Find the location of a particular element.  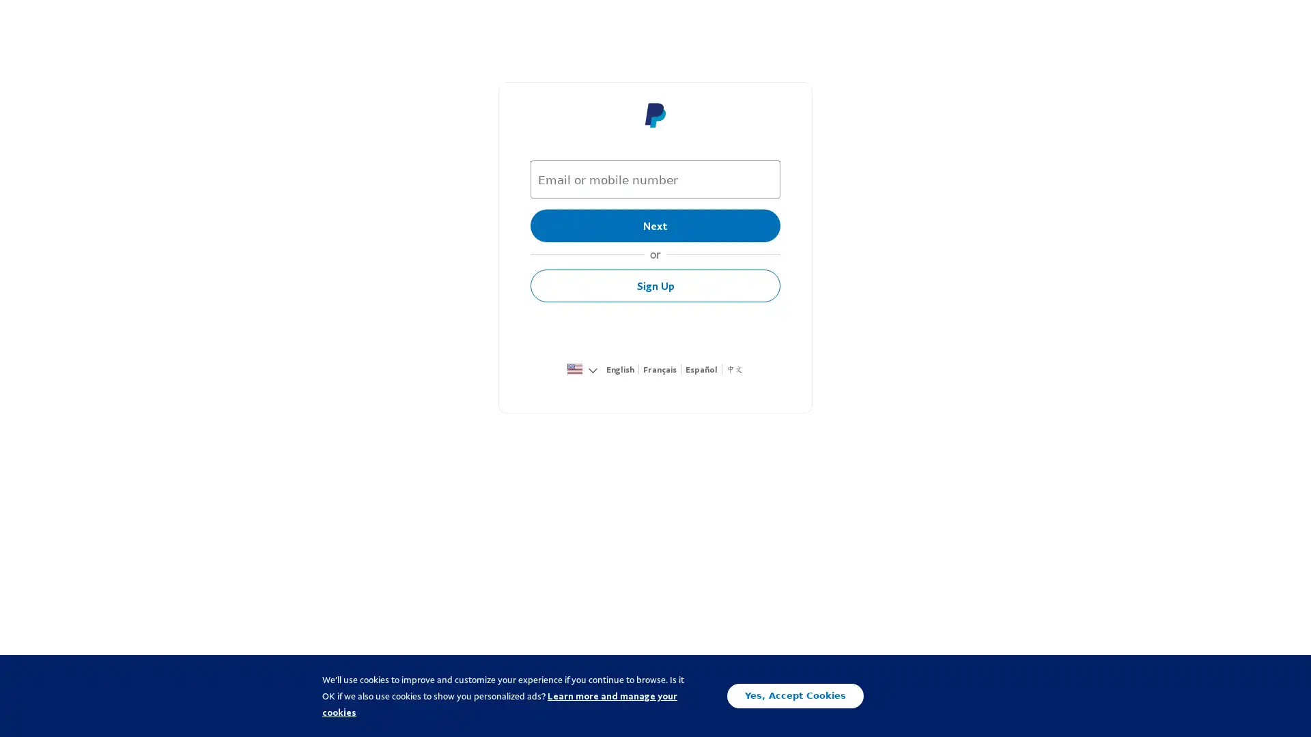

Yes, Accept Cookies is located at coordinates (795, 695).